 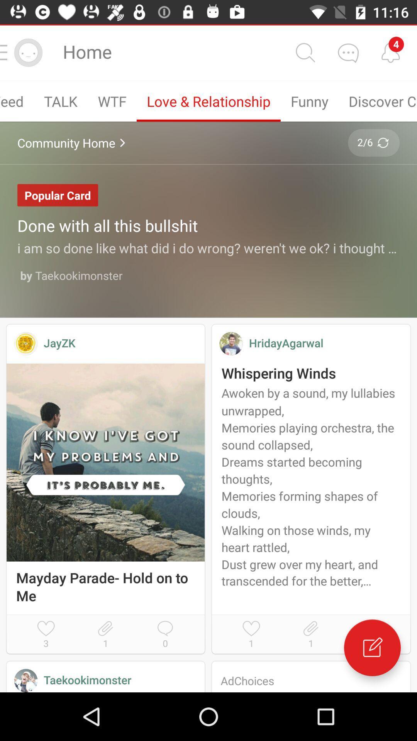 I want to click on comment option, so click(x=348, y=52).